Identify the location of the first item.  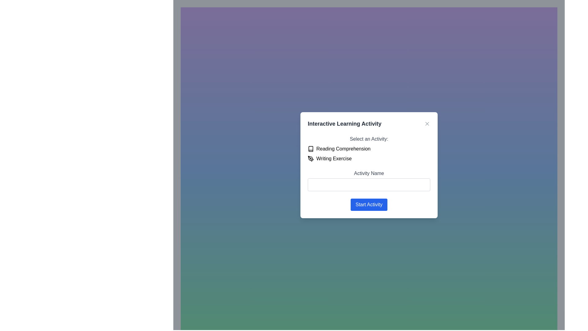
(368, 149).